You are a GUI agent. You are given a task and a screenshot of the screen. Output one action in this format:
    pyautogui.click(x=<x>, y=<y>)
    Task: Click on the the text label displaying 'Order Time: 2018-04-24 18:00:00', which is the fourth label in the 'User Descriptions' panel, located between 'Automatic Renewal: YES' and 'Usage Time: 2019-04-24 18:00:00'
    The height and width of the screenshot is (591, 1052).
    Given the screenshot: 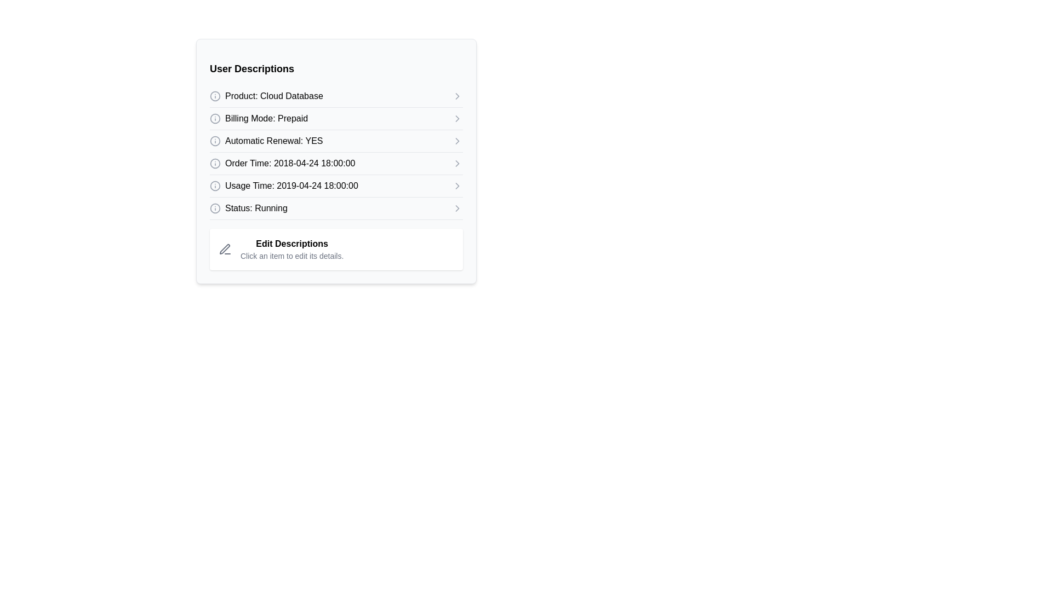 What is the action you would take?
    pyautogui.click(x=290, y=164)
    